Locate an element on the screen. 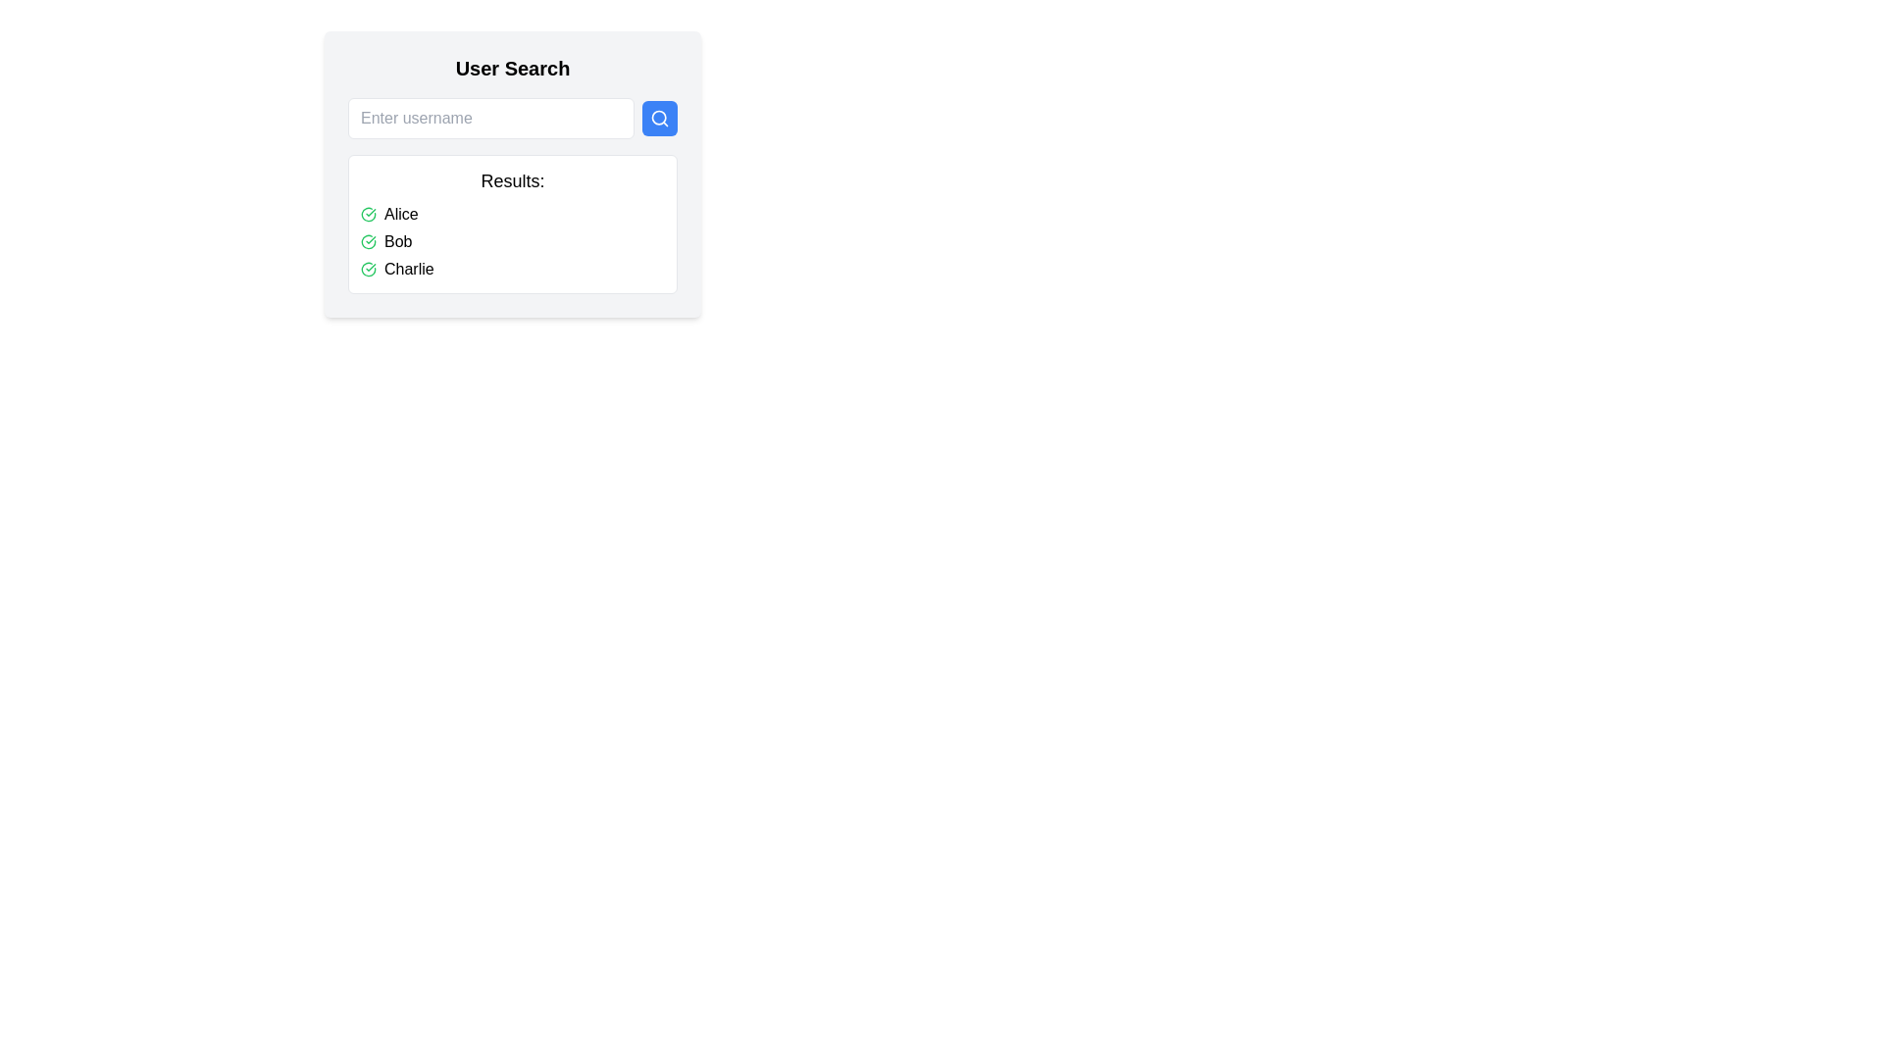 The width and height of the screenshot is (1883, 1059). the circular check icon indicating a successful status for 'Alice' in the results list is located at coordinates (368, 215).